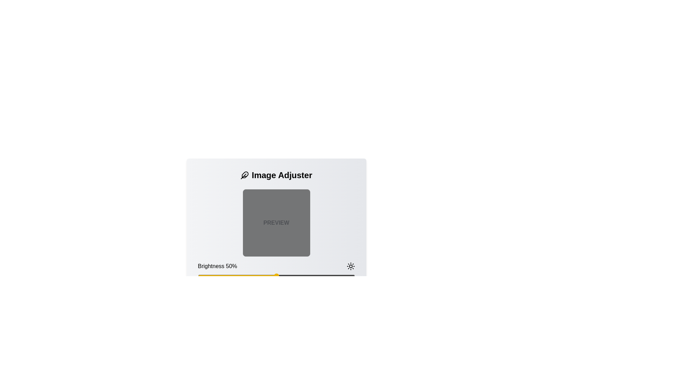 The image size is (673, 378). Describe the element at coordinates (263, 276) in the screenshot. I see `the slider` at that location.